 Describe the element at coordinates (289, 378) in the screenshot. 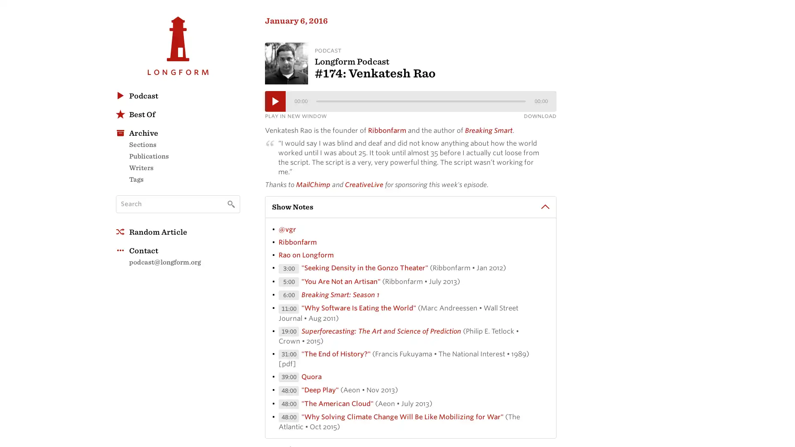

I see `39:00` at that location.